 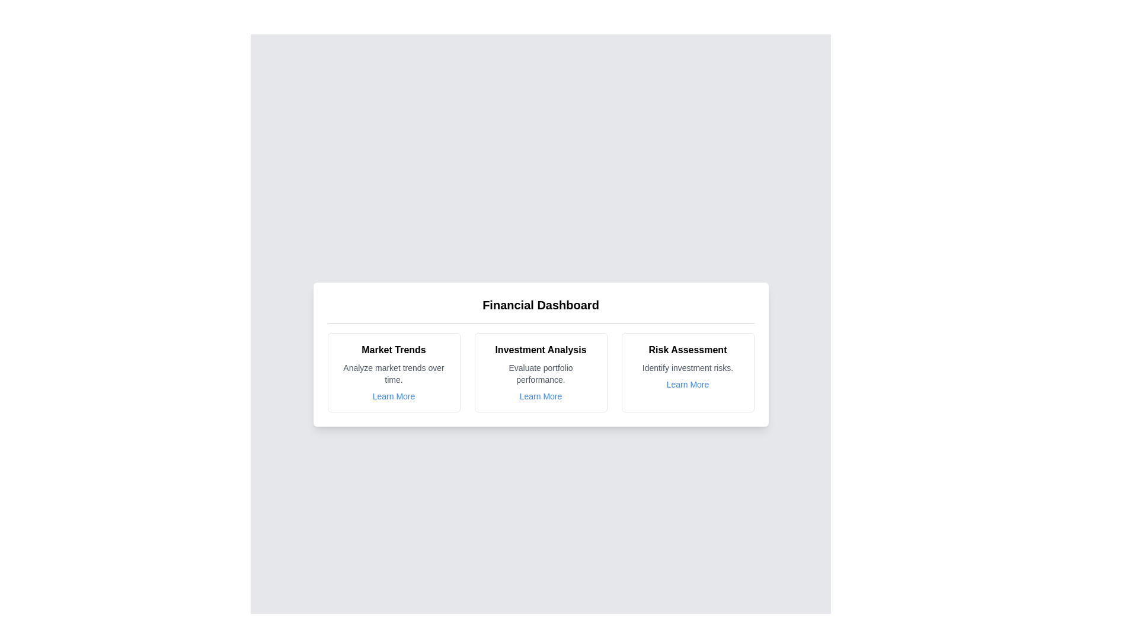 What do you see at coordinates (540, 372) in the screenshot?
I see `the card corresponding to Investment Analysis to inspect its details` at bounding box center [540, 372].